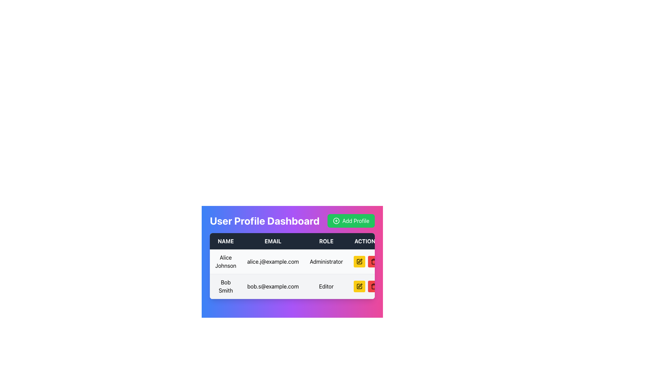 Image resolution: width=653 pixels, height=367 pixels. What do you see at coordinates (359, 286) in the screenshot?
I see `the yellow edit icon button in the user profile table for 'Bob Smith'` at bounding box center [359, 286].